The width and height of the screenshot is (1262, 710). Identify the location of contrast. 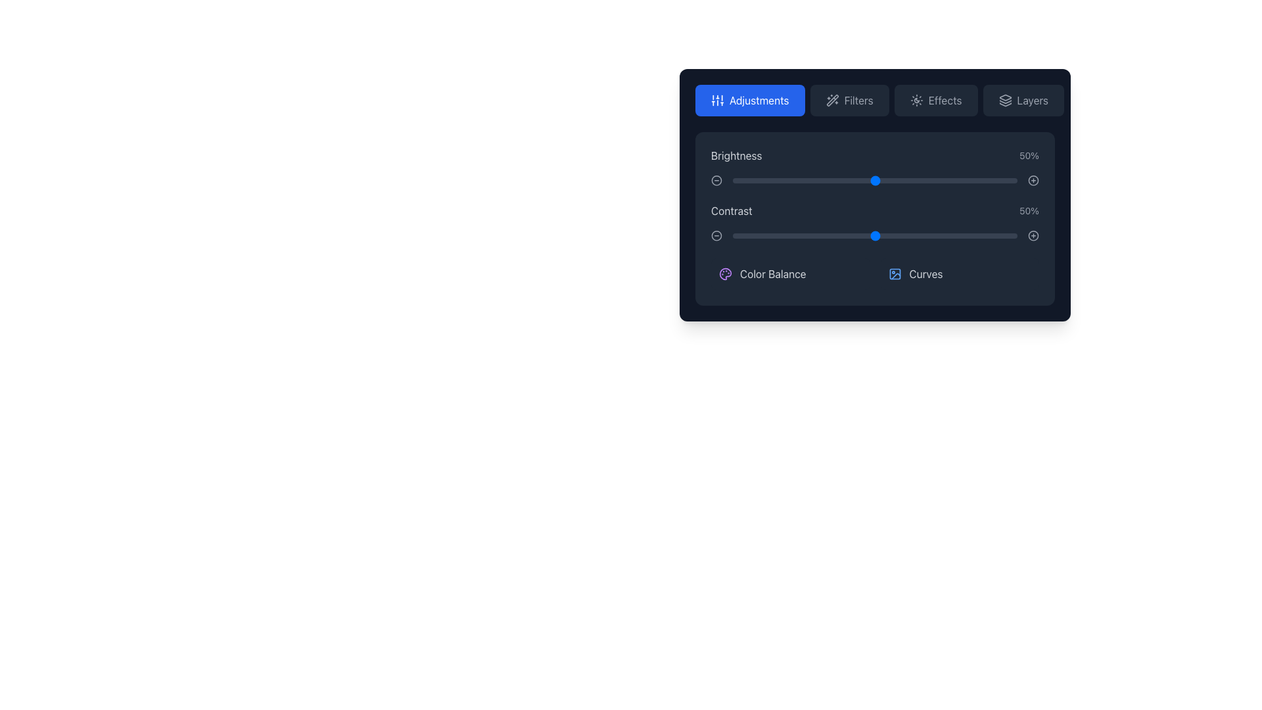
(931, 235).